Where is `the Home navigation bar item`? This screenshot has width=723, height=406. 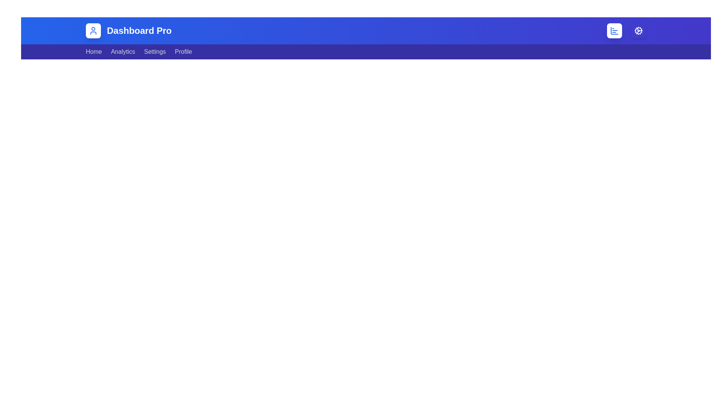 the Home navigation bar item is located at coordinates (93, 52).